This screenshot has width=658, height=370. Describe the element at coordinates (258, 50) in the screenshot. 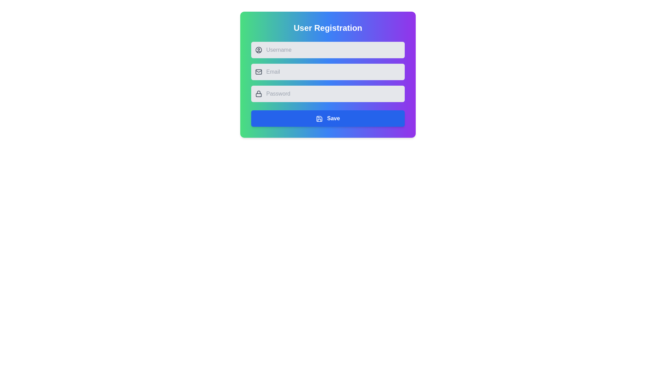

I see `the larger circle SVG graphic component that serves as a decorative visual cue next to the 'Username' input field in the user registration form` at that location.